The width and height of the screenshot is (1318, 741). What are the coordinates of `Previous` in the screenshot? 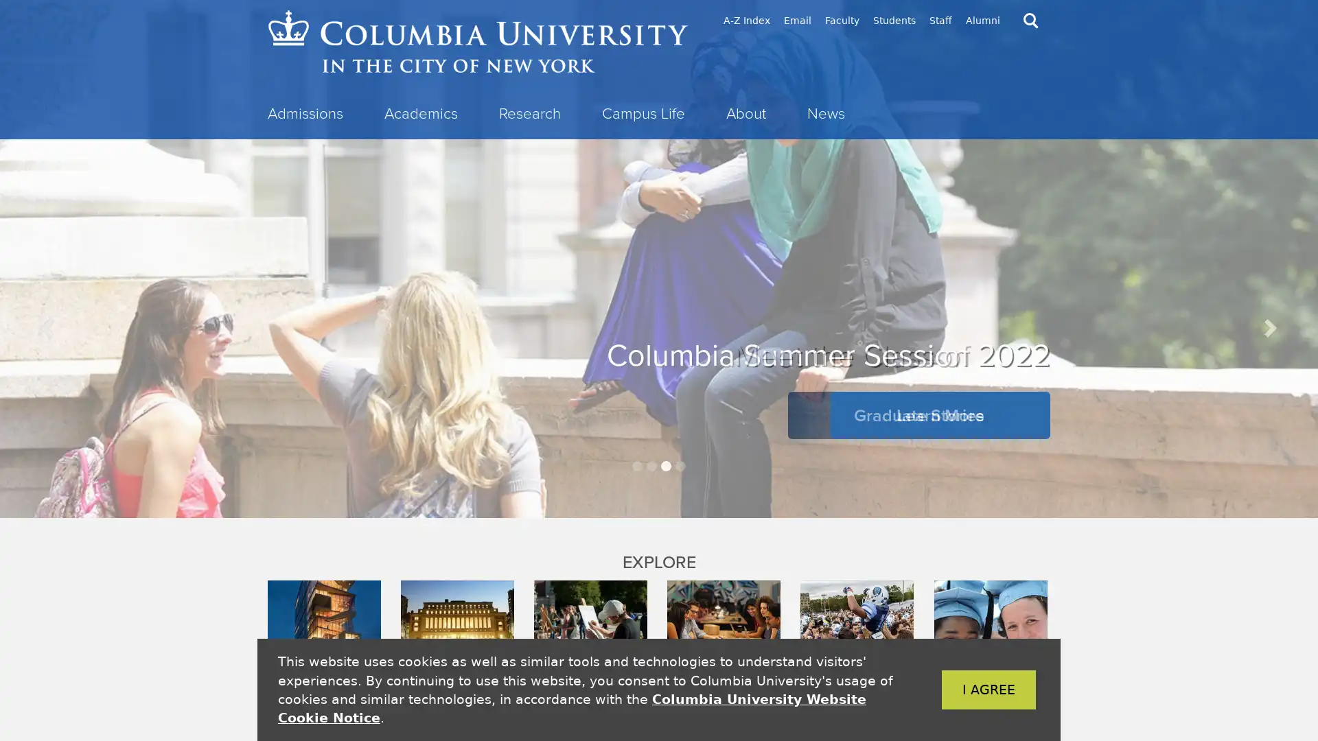 It's located at (49, 327).